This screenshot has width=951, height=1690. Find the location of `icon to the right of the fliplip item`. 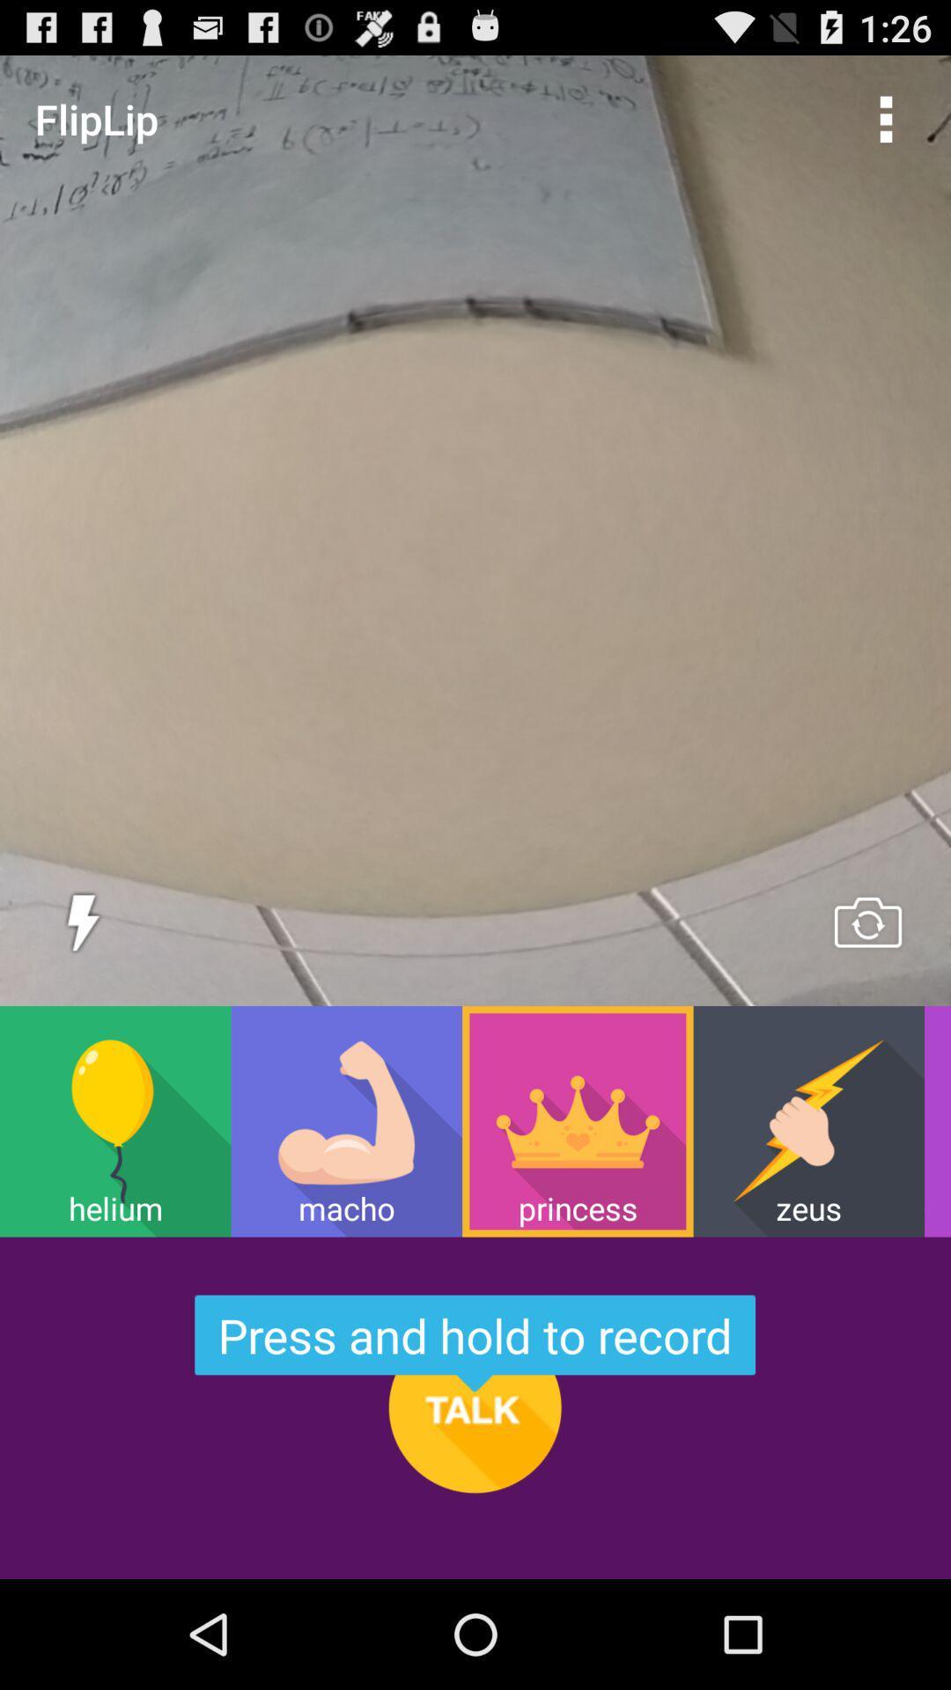

icon to the right of the fliplip item is located at coordinates (886, 118).